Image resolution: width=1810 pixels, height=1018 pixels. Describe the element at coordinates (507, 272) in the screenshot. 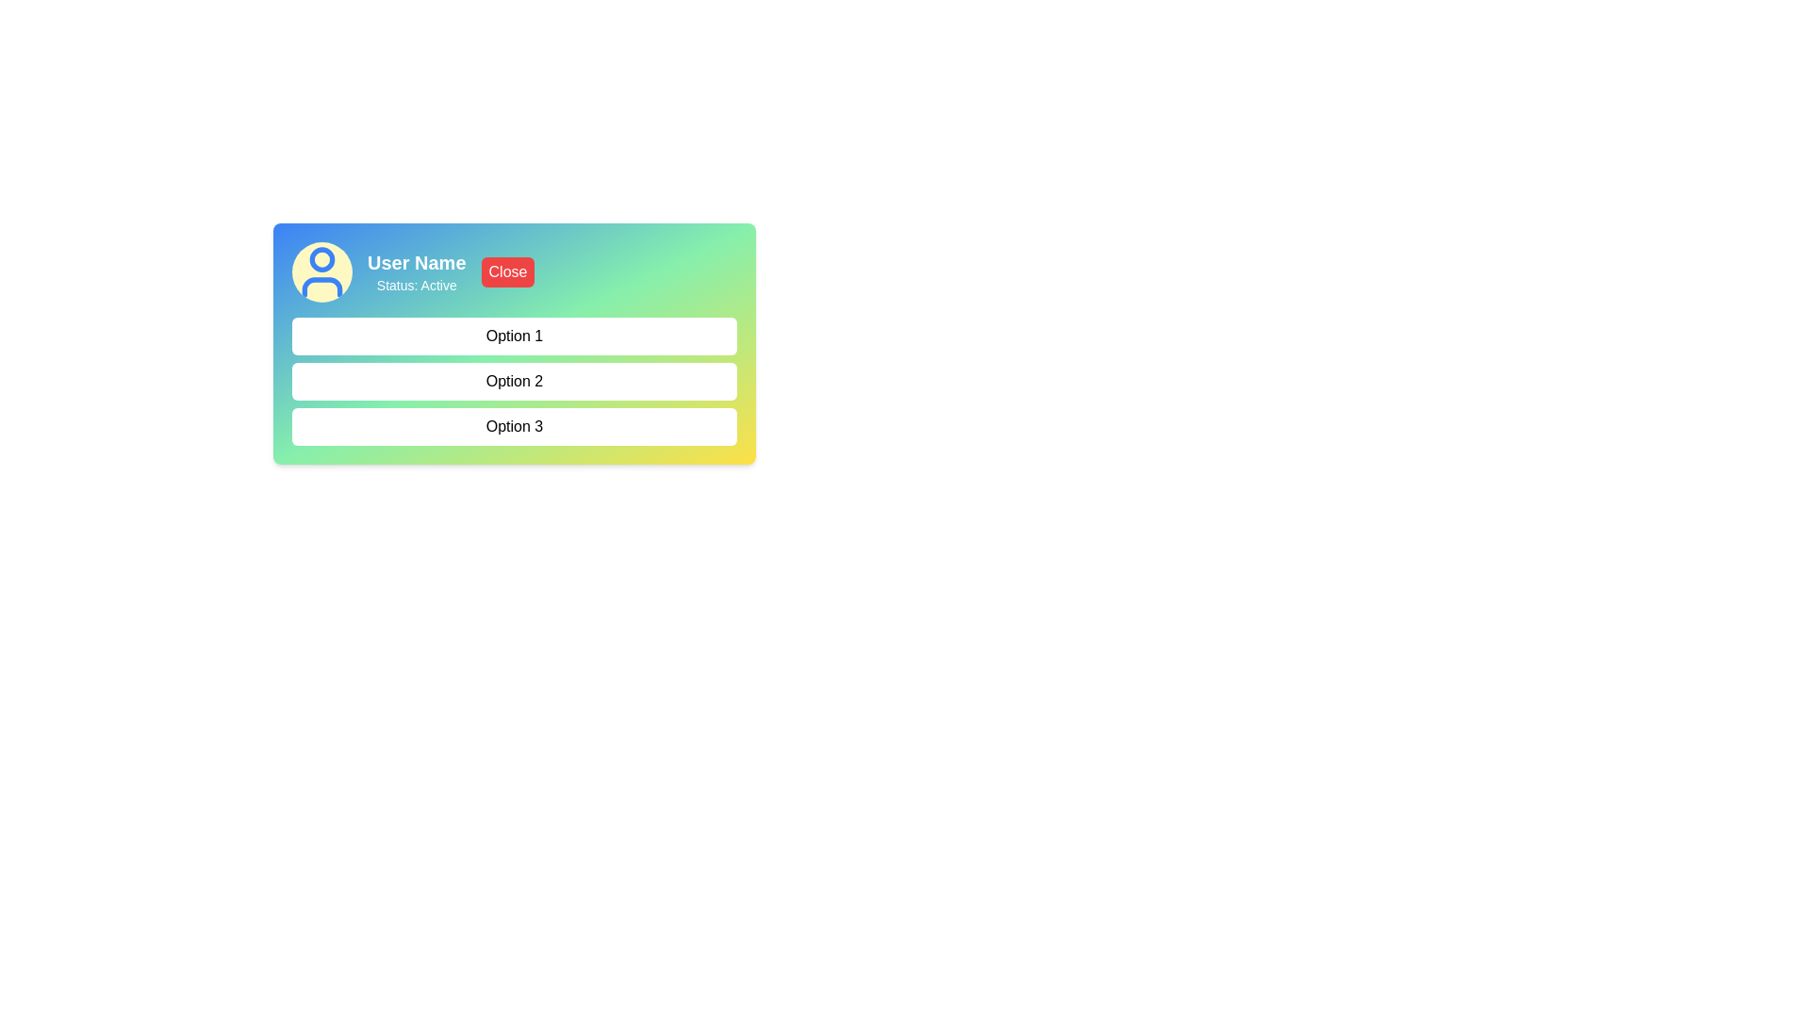

I see `the 'Close' button, which is a red rectangular button with white bold text, located in the header section of the interface` at that location.